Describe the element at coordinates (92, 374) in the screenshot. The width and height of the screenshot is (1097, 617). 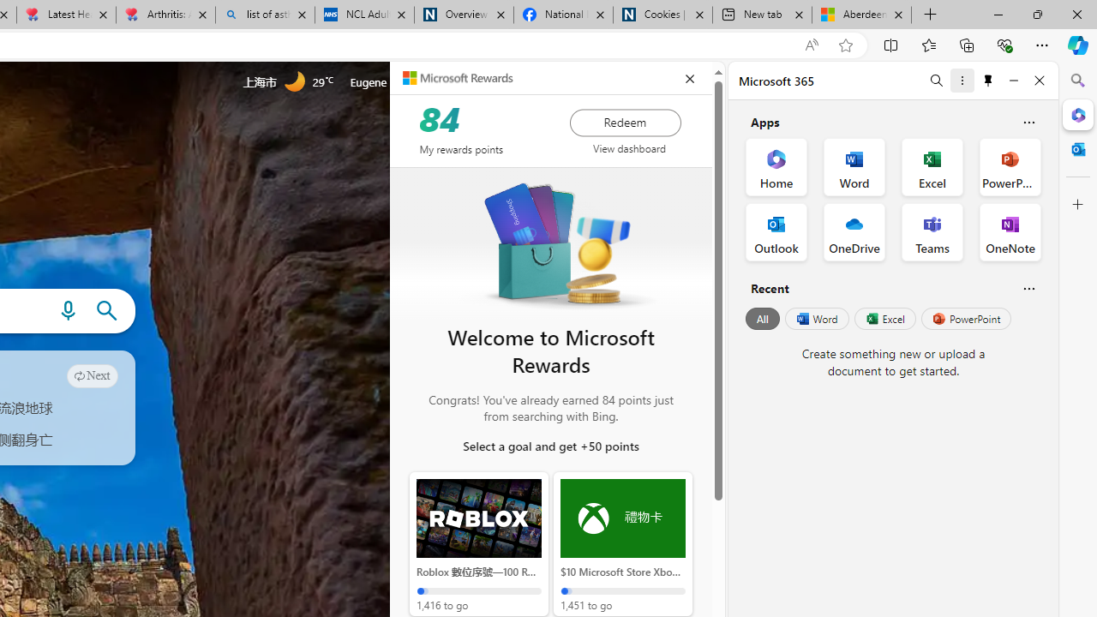
I see `'Next'` at that location.